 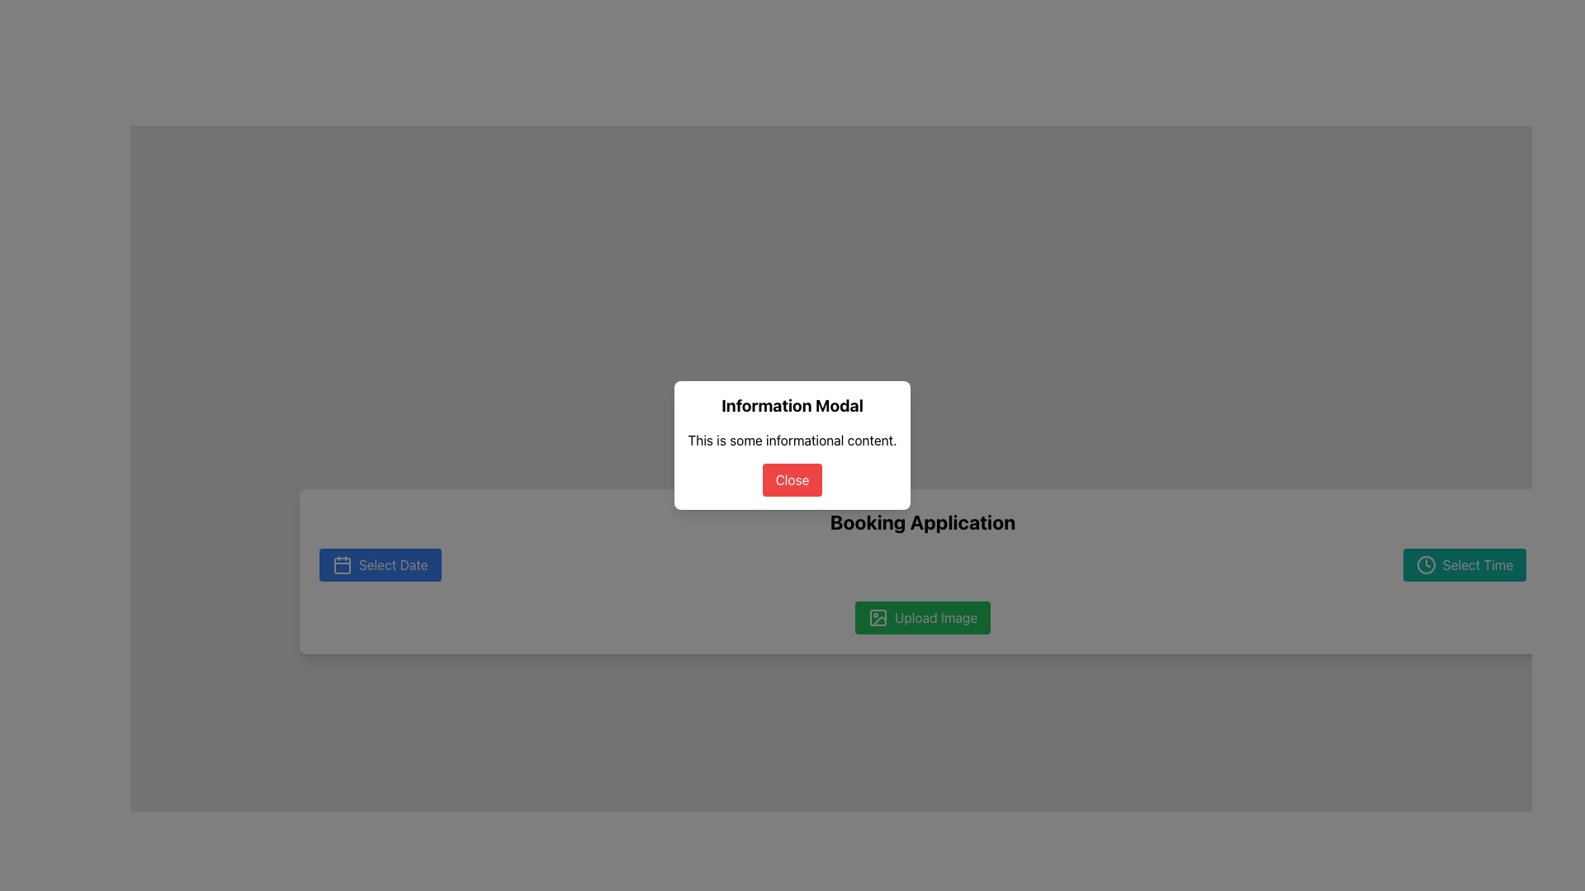 What do you see at coordinates (922, 617) in the screenshot?
I see `the image upload button located between the 'Select Date' and 'Select Time' buttons at the bottom of the 'Booking Application' card to initiate the image upload process` at bounding box center [922, 617].